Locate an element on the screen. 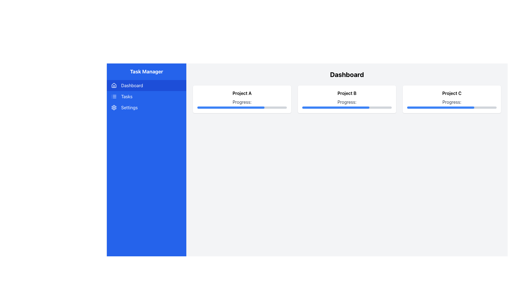 This screenshot has height=298, width=530. the blue progress indicator within the gray rounded progress bar located under 'Project A' in the dashboard section is located at coordinates (231, 107).